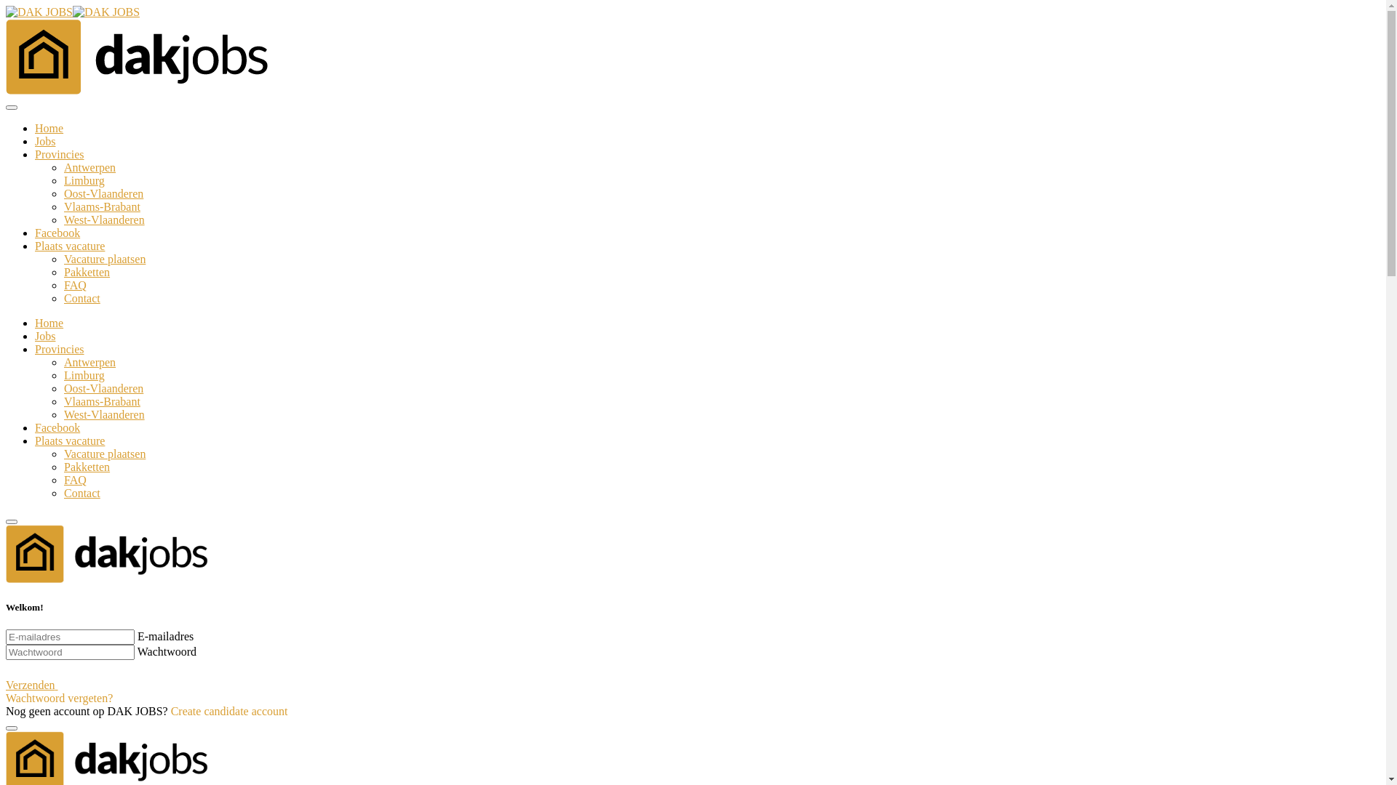 This screenshot has width=1397, height=785. Describe the element at coordinates (103, 387) in the screenshot. I see `'Oost-Vlaanderen'` at that location.